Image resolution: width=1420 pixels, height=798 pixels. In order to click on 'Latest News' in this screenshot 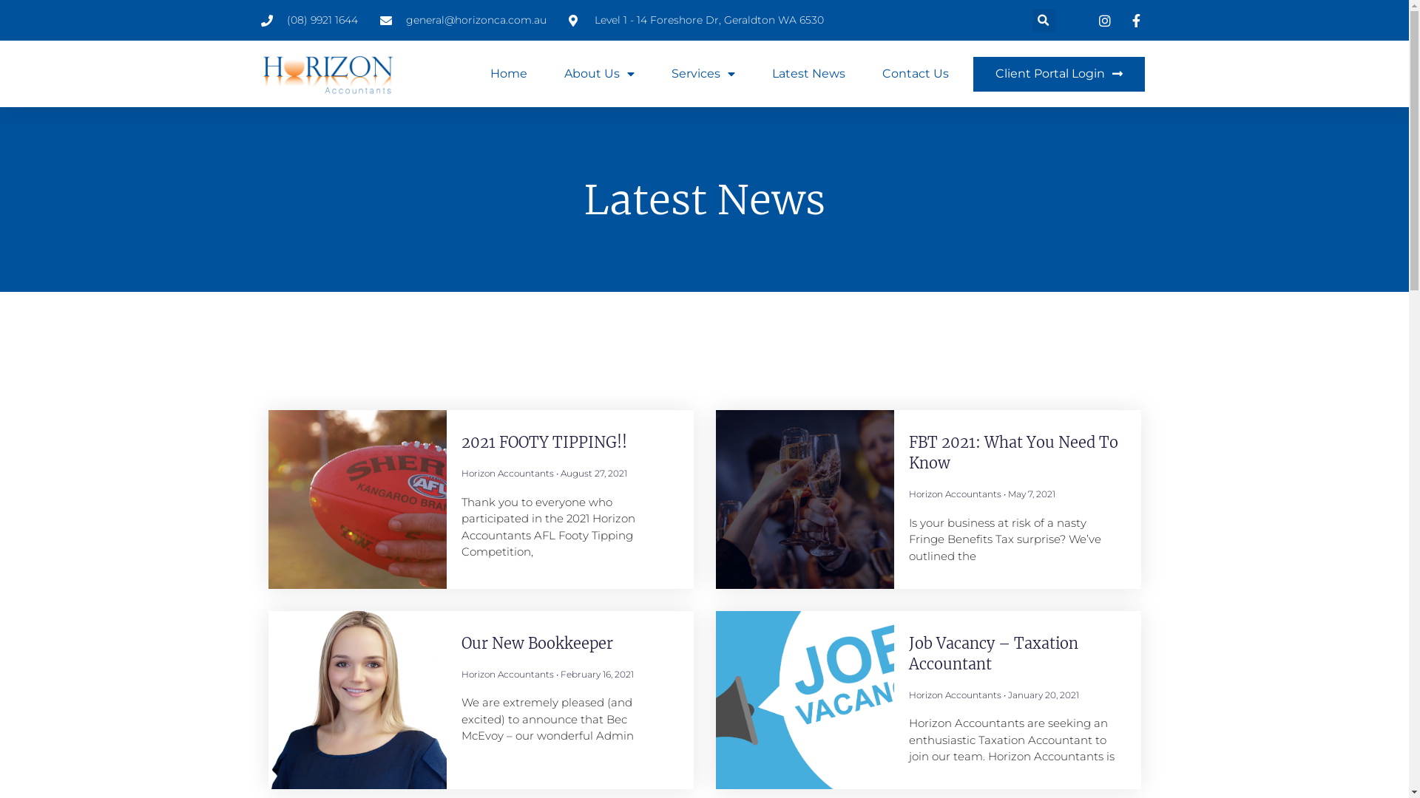, I will do `click(808, 74)`.